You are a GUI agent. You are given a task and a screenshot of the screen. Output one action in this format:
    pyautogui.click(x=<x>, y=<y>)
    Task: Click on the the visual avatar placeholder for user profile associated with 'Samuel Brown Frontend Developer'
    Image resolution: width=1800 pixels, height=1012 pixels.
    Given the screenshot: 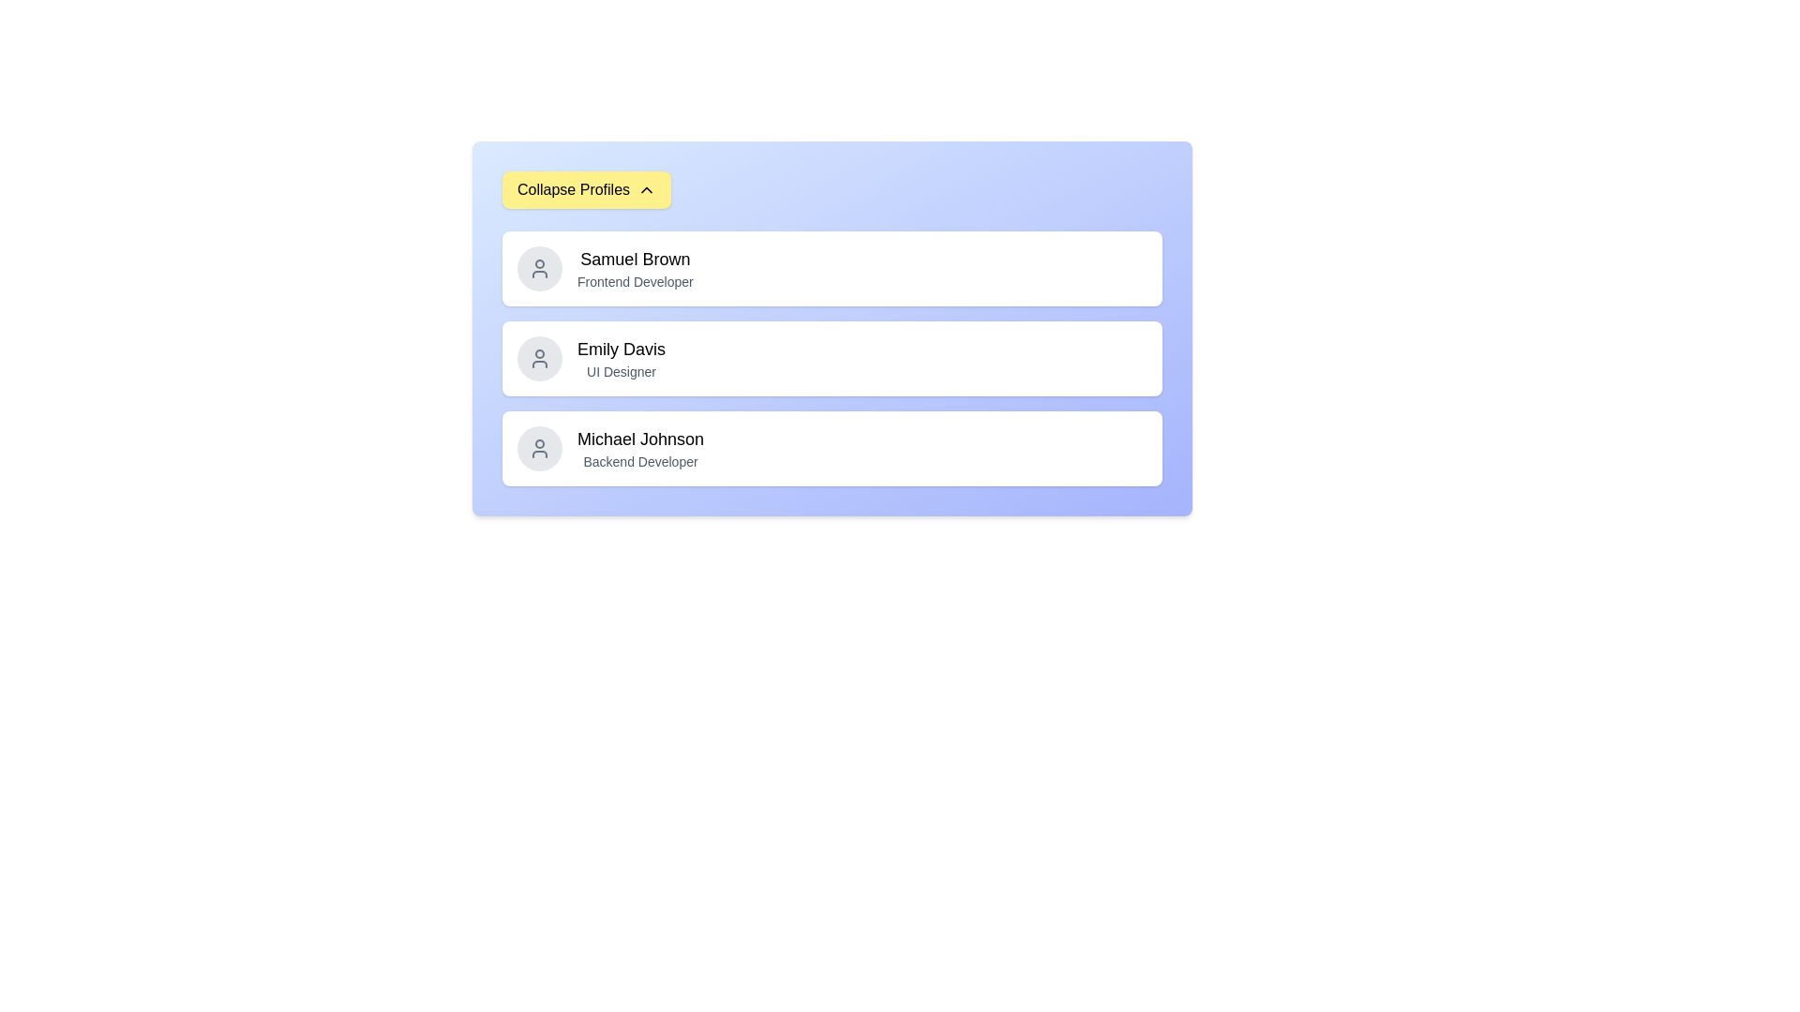 What is the action you would take?
    pyautogui.click(x=539, y=268)
    